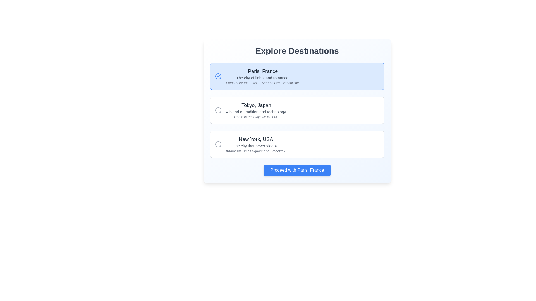 This screenshot has width=536, height=301. What do you see at coordinates (218, 110) in the screenshot?
I see `the SVG circle element with a stroke outline located near the 'Tokyo, Japan' option in the middle list item` at bounding box center [218, 110].